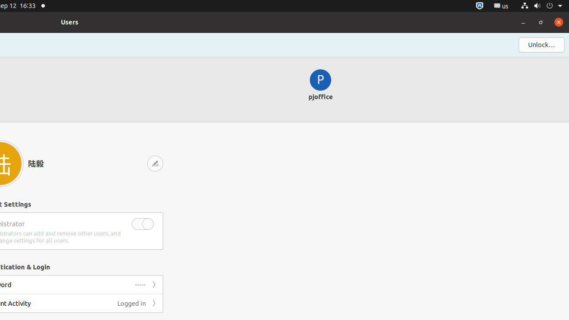  I want to click on 'pjoffice', so click(320, 89).